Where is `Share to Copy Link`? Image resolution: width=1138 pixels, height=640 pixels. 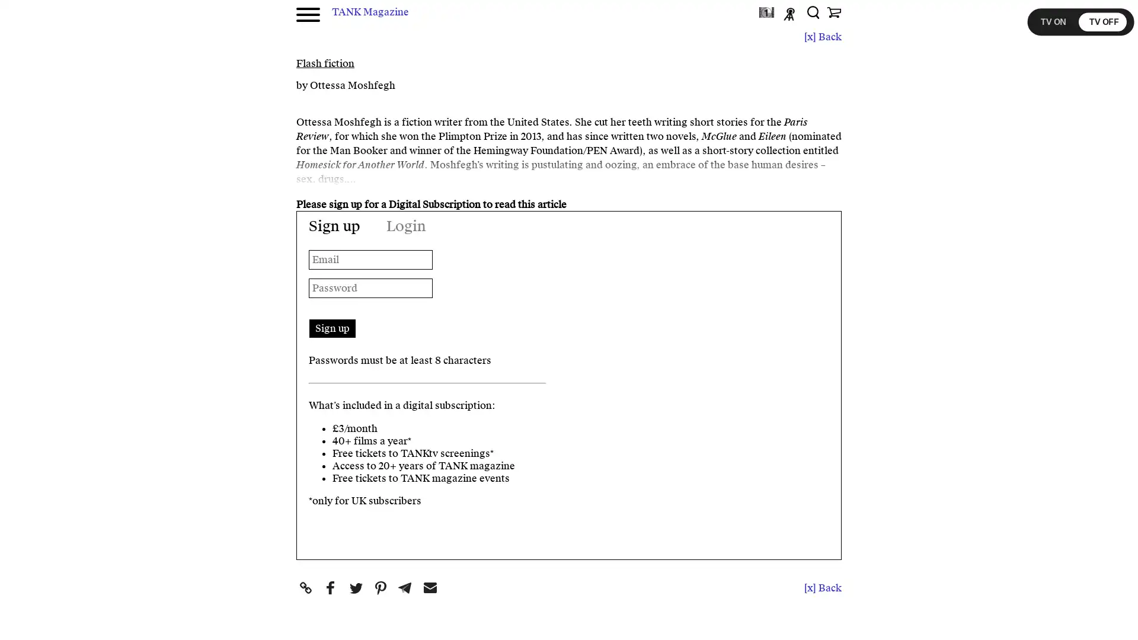 Share to Copy Link is located at coordinates (309, 587).